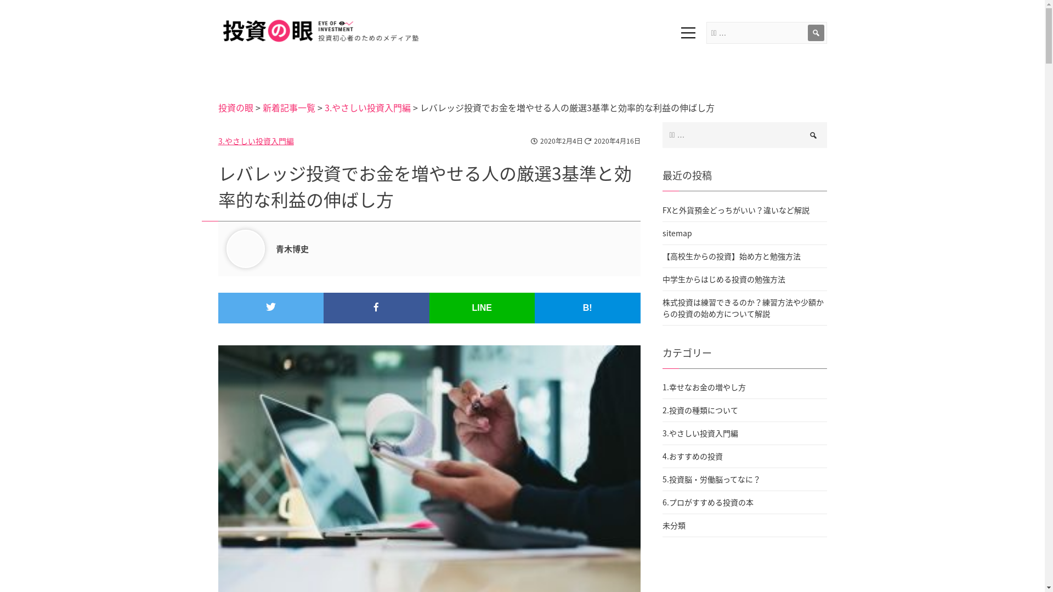 The height and width of the screenshot is (592, 1053). Describe the element at coordinates (745, 232) in the screenshot. I see `'sitemap'` at that location.